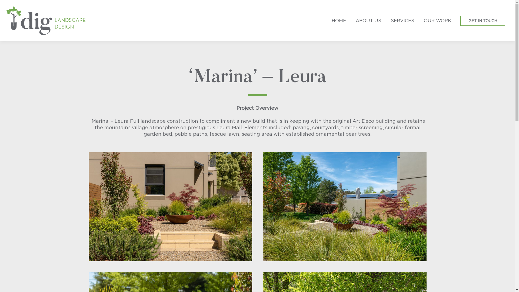 Image resolution: width=519 pixels, height=292 pixels. Describe the element at coordinates (354, 20) in the screenshot. I see `'ABOUT US'` at that location.